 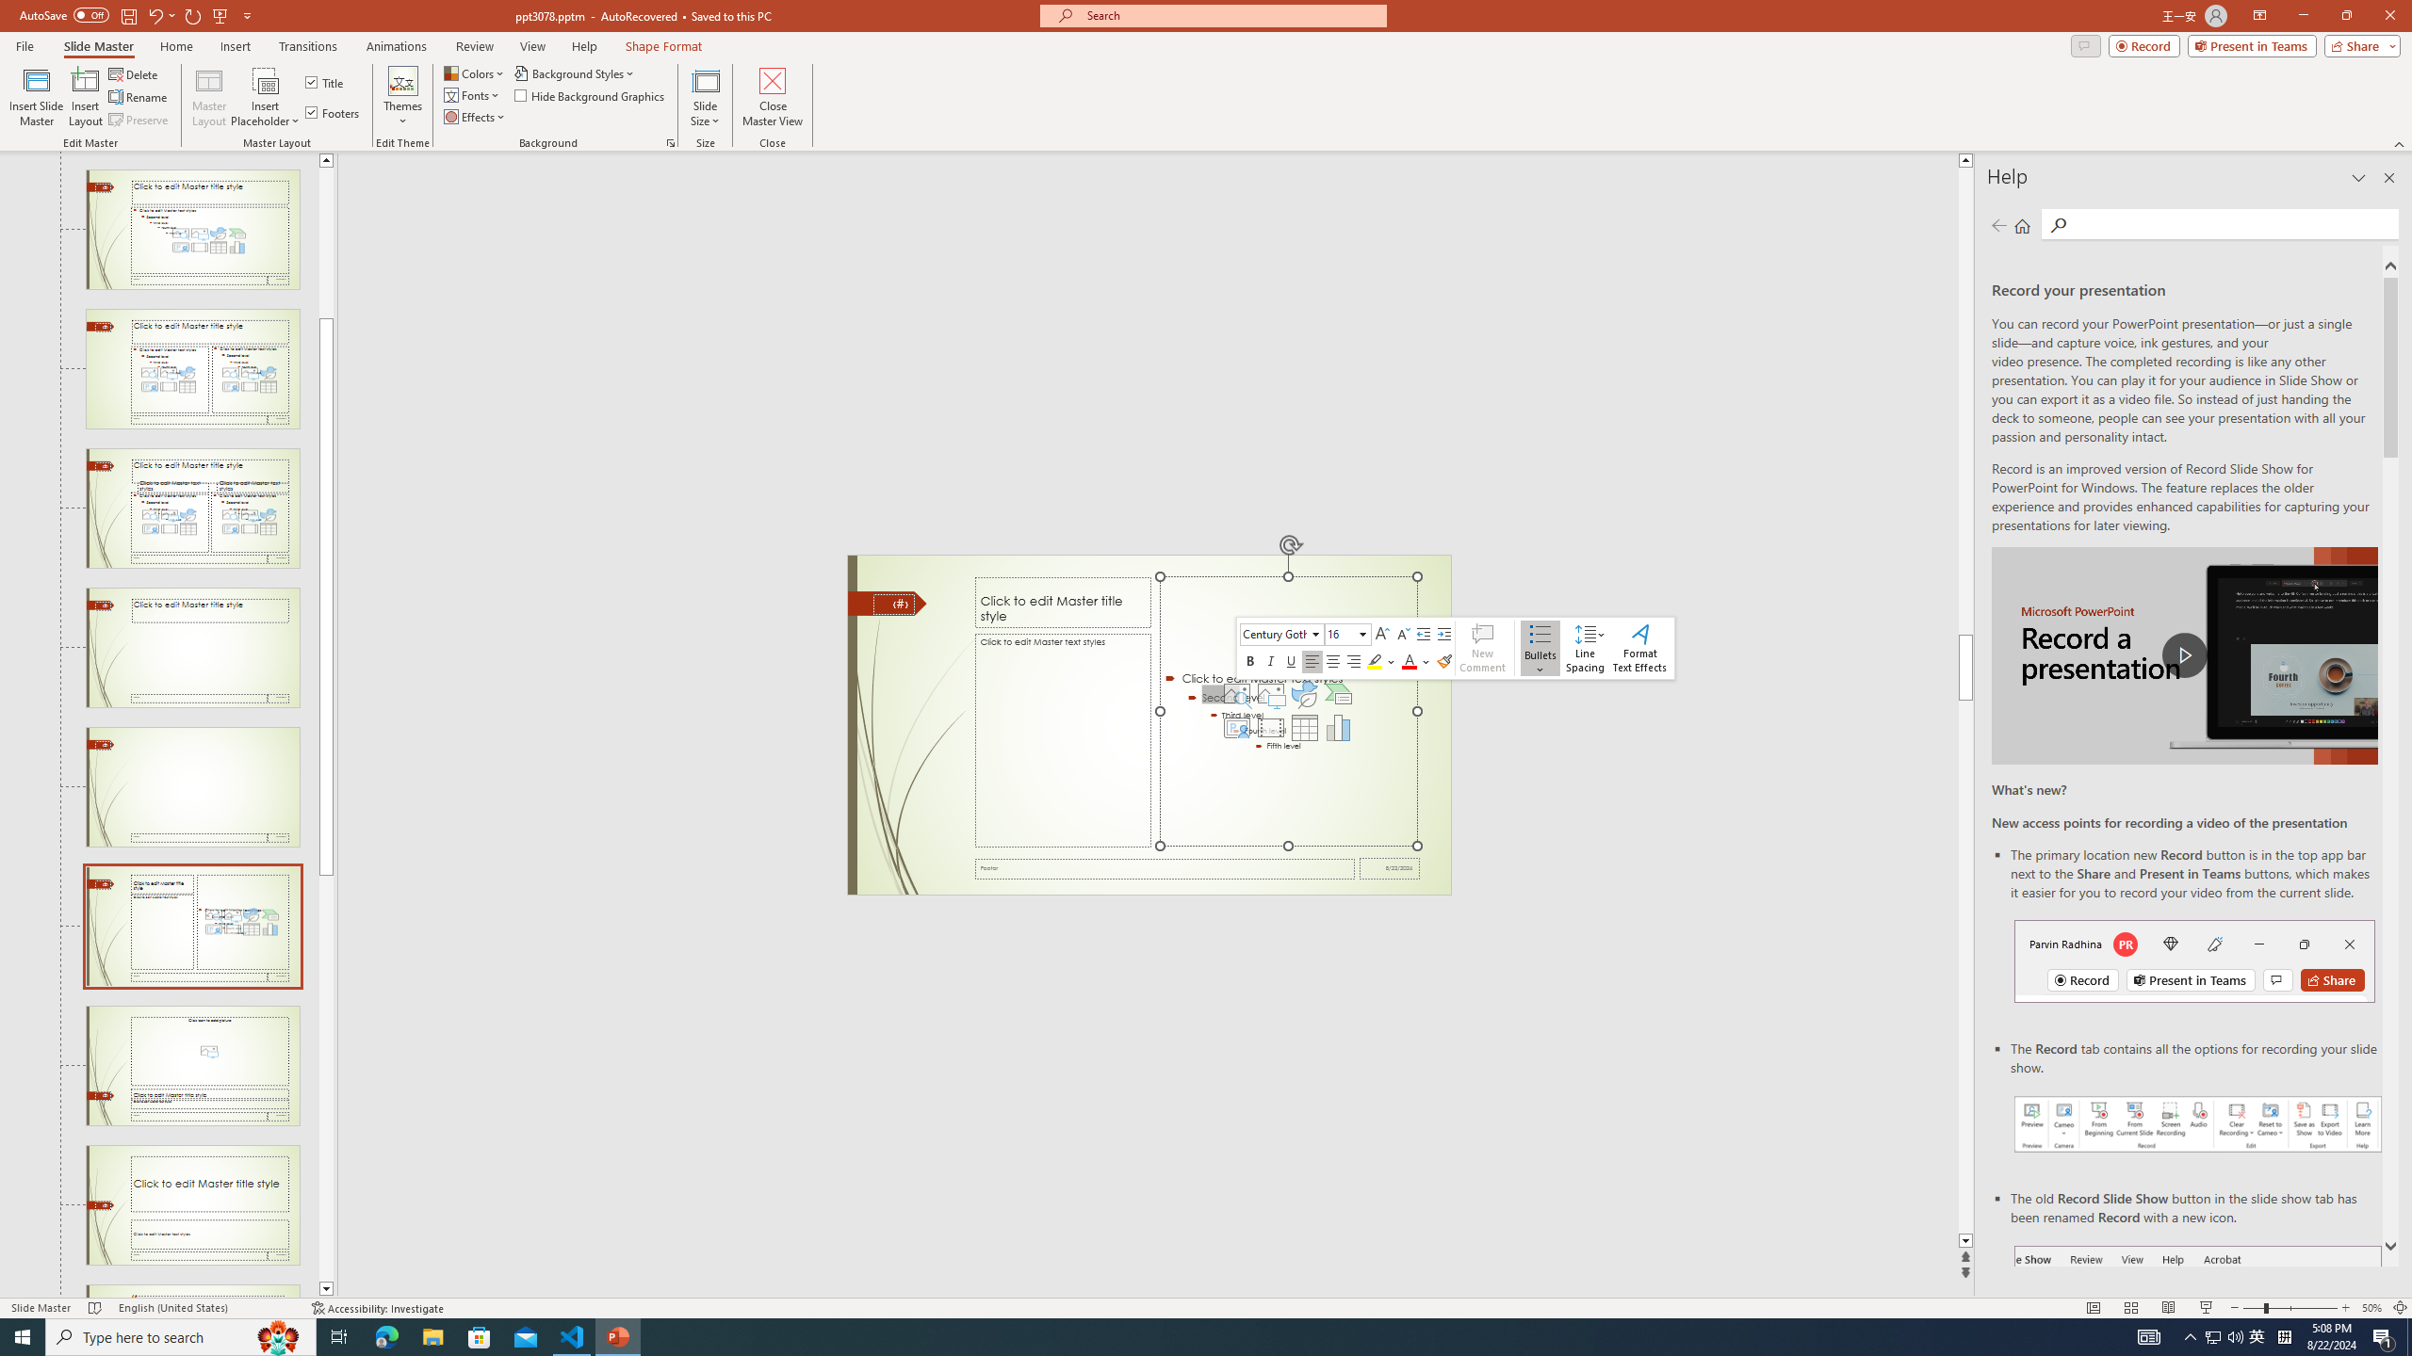 I want to click on 'Record your presentations screenshot one', so click(x=2197, y=1122).